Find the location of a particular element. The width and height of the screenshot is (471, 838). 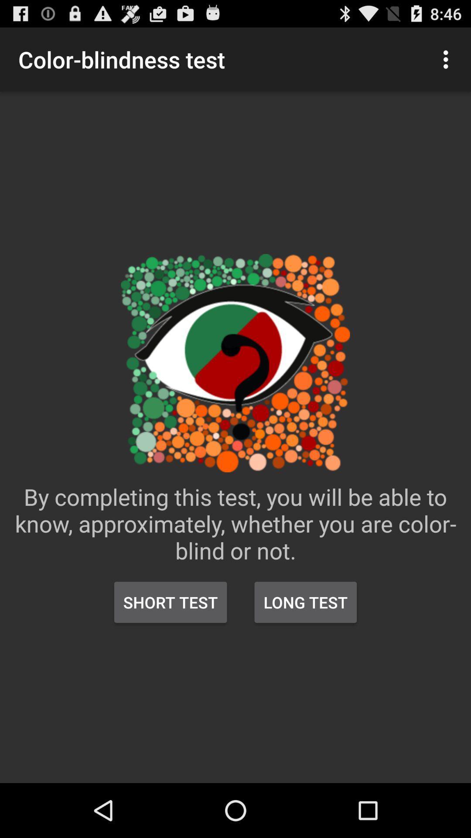

long test icon is located at coordinates (305, 602).